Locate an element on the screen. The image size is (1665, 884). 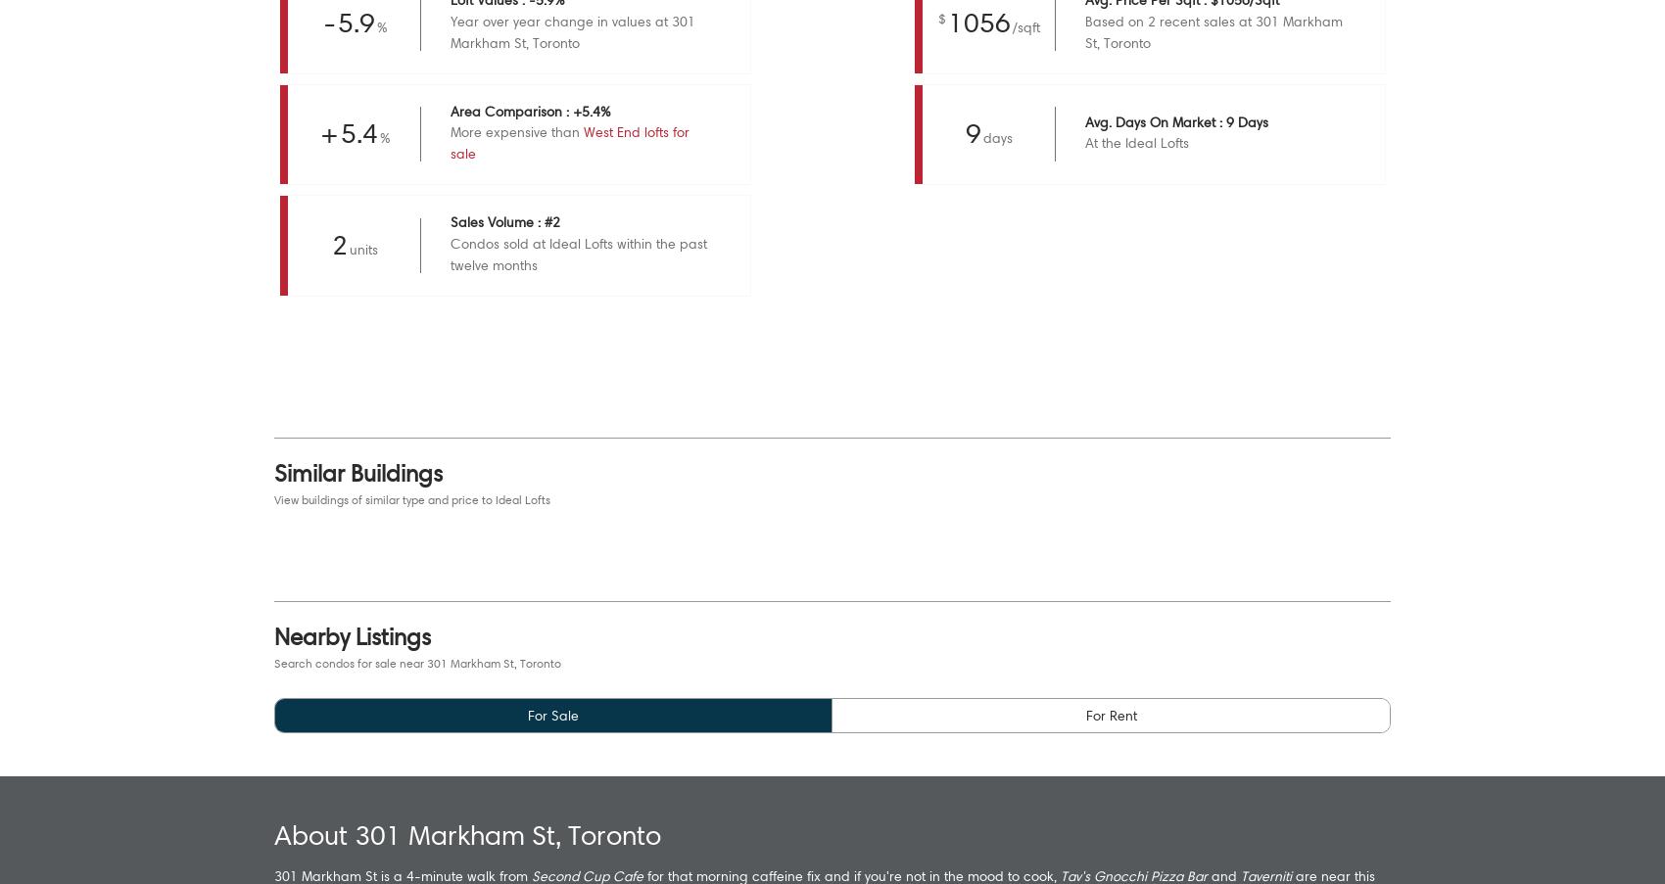
'1056' is located at coordinates (977, 21).